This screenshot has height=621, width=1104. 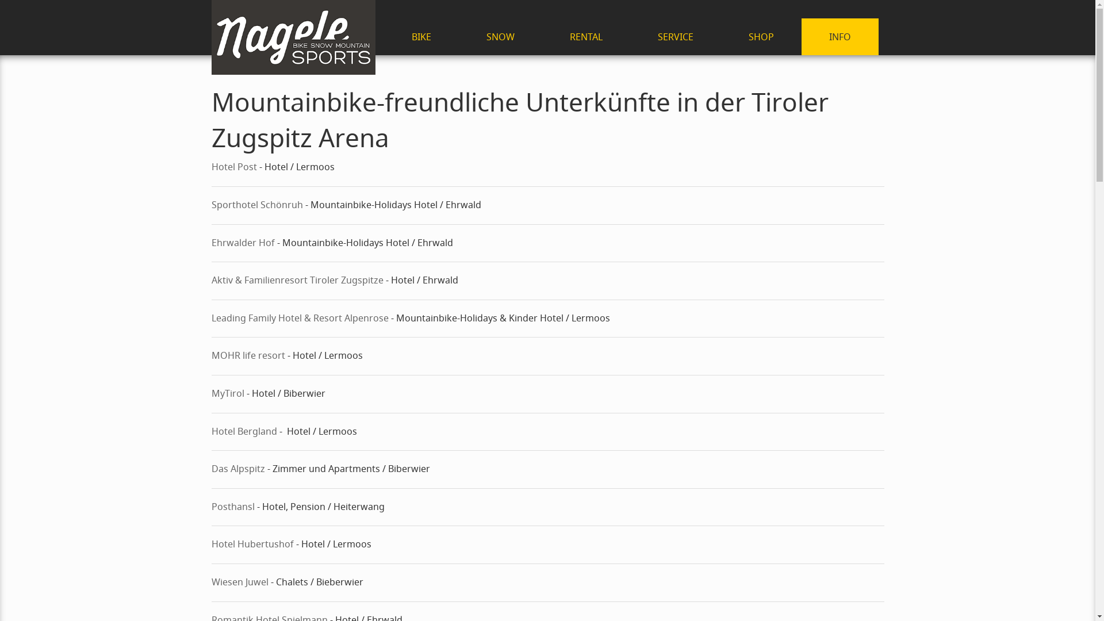 I want to click on 'Posthansl', so click(x=212, y=505).